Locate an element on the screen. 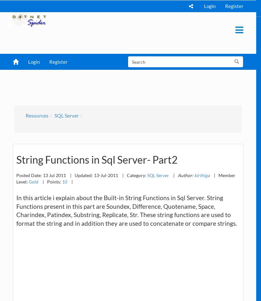 The height and width of the screenshot is (301, 261). 'Posted Date:' is located at coordinates (29, 175).